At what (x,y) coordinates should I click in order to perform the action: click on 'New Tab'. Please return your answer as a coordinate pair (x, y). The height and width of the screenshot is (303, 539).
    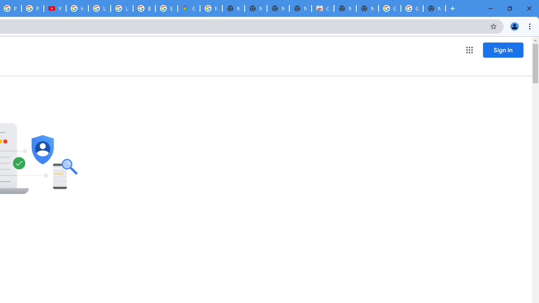
    Looking at the image, I should click on (434, 8).